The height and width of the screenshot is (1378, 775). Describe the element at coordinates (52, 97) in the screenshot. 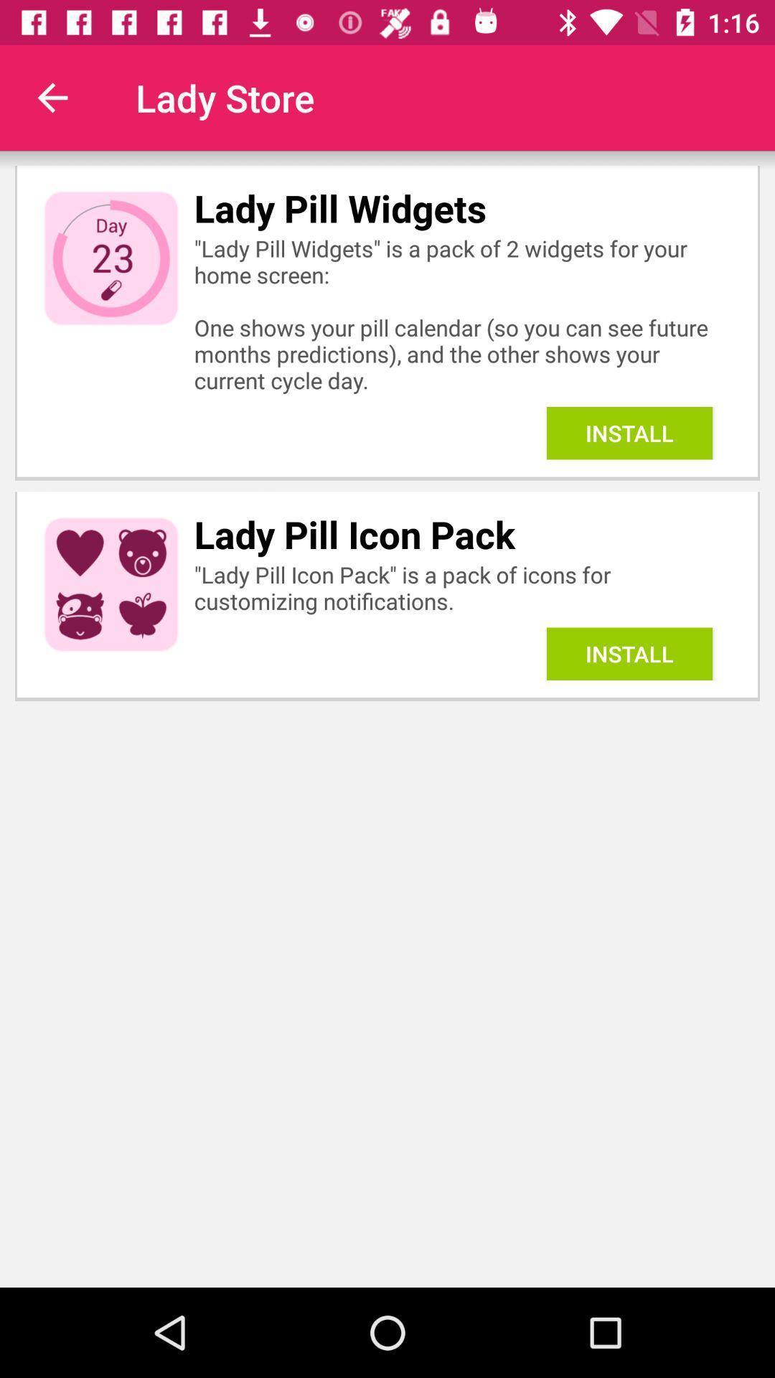

I see `the item next to lady store item` at that location.